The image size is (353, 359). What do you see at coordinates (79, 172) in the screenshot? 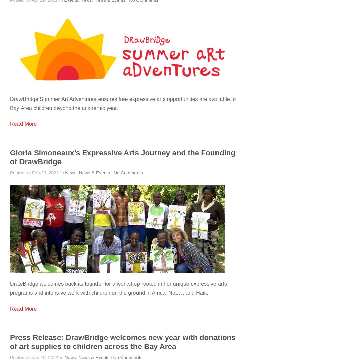
I see `'News & Events'` at bounding box center [79, 172].